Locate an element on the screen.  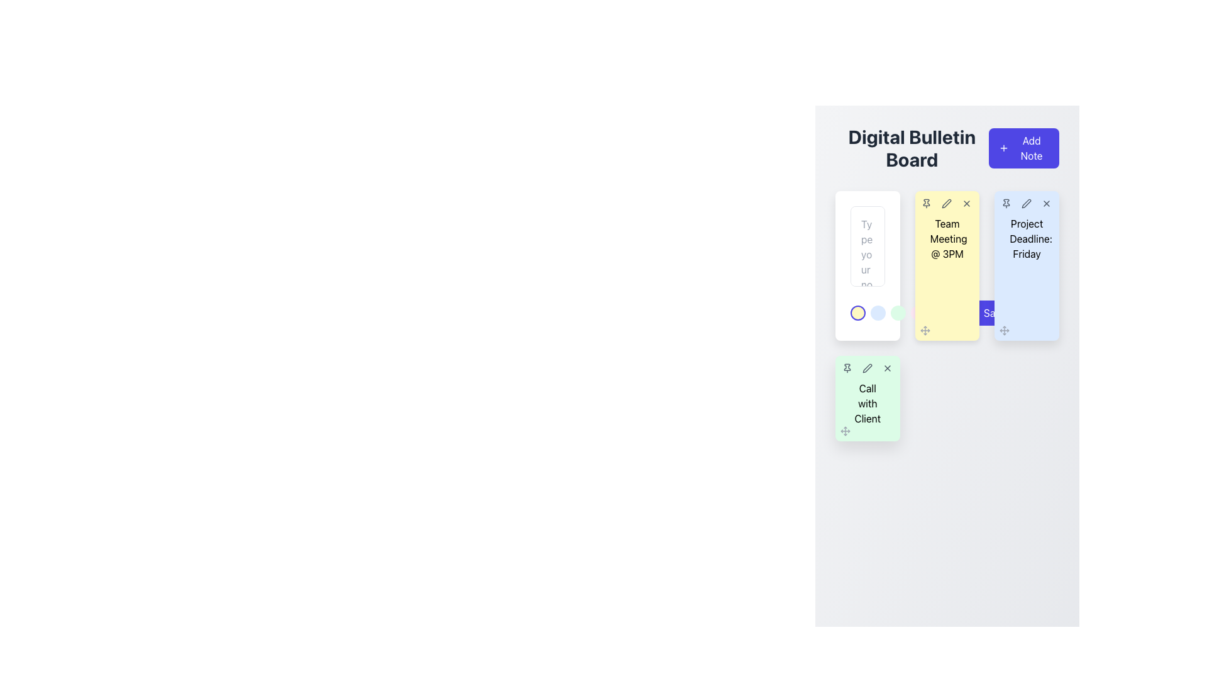
the pin icon button located at the top-right area of the green note labeled 'Call with Client' is located at coordinates (847, 368).